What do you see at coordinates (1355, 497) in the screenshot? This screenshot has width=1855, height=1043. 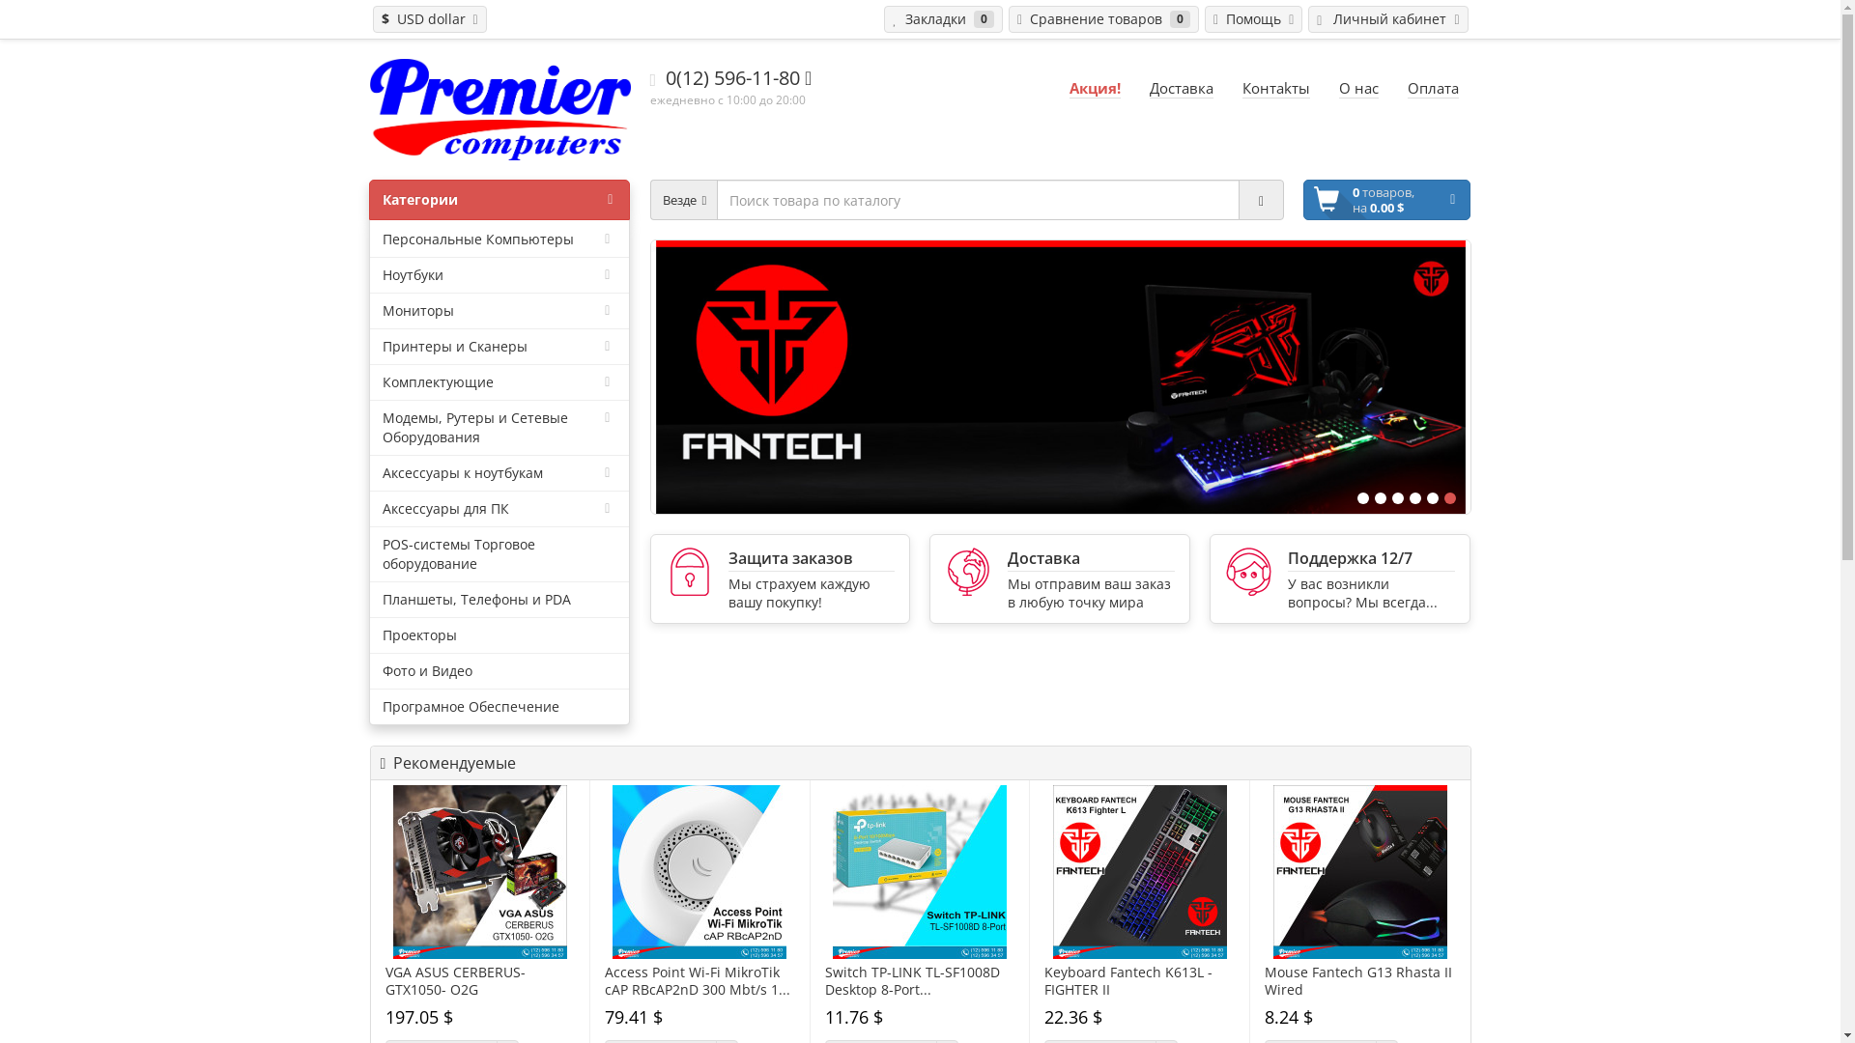 I see `'1'` at bounding box center [1355, 497].